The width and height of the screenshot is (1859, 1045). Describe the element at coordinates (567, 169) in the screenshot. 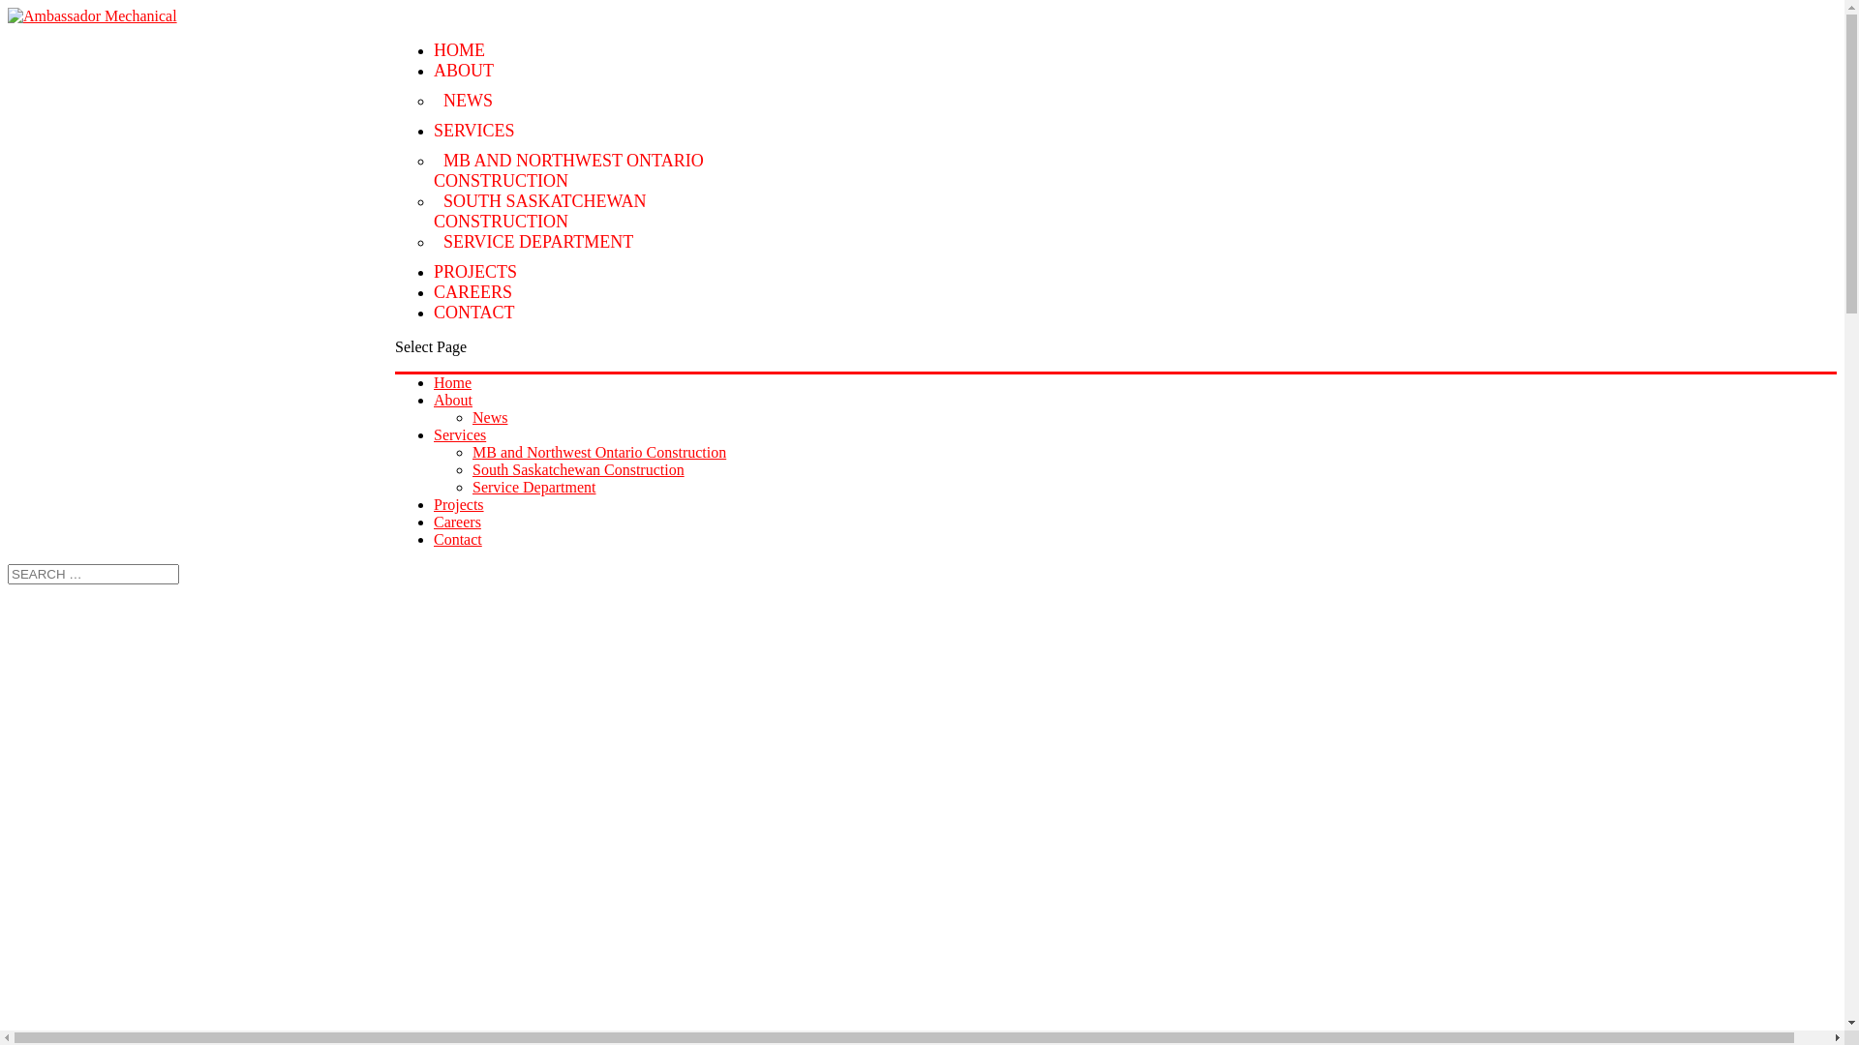

I see `'MB AND NORTHWEST ONTARIO CONSTRUCTION'` at that location.